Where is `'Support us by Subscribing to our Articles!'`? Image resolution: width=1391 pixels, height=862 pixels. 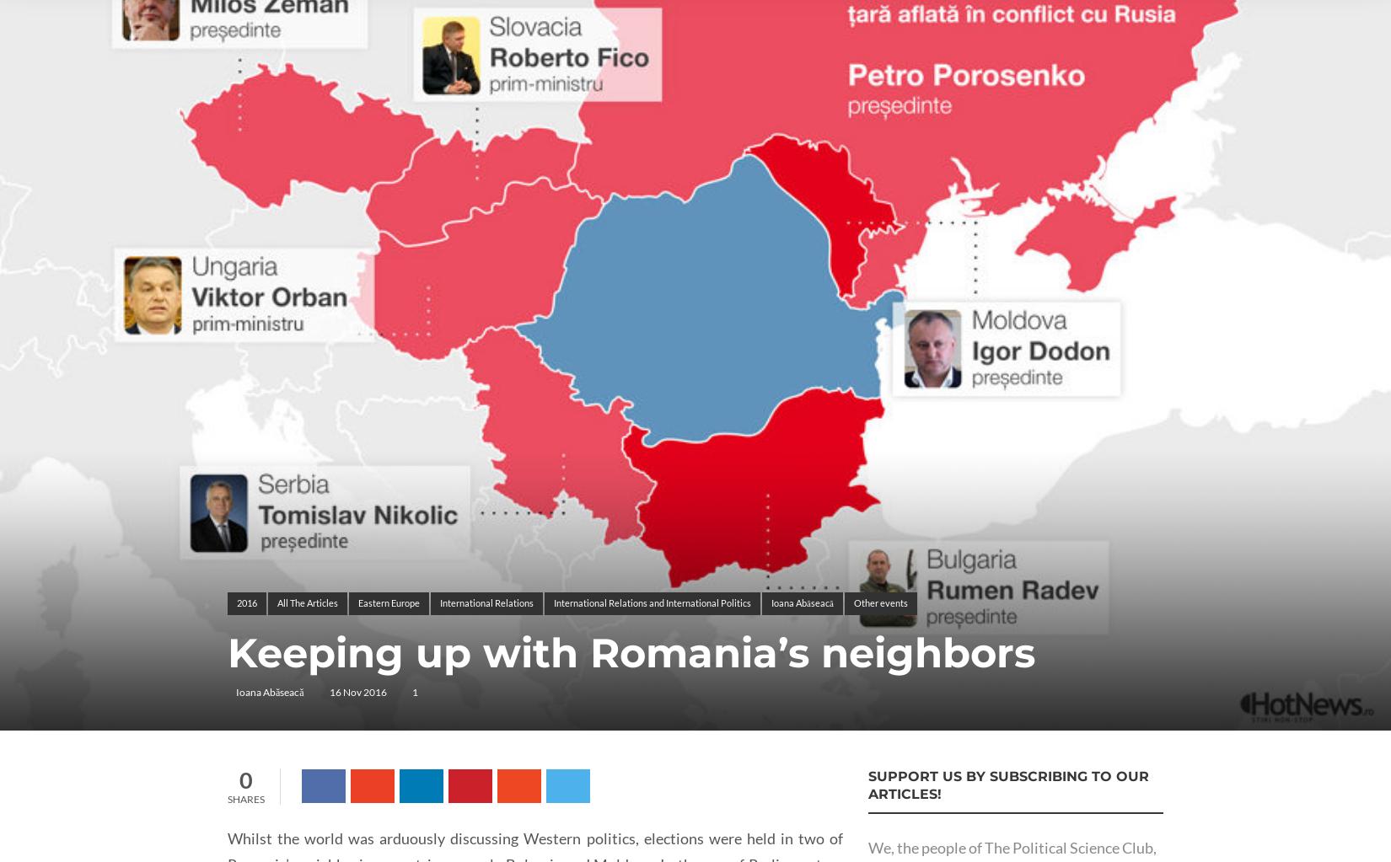 'Support us by Subscribing to our Articles!' is located at coordinates (867, 784).